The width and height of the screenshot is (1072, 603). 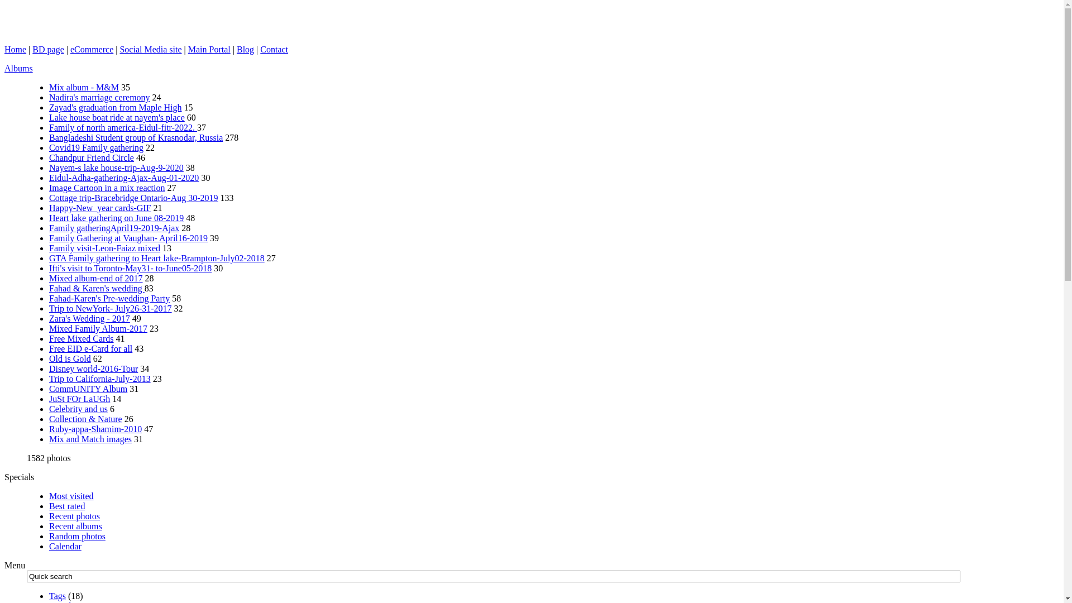 What do you see at coordinates (133, 197) in the screenshot?
I see `'Cottage trip-Bracebridge Ontario-Aug 30-2019'` at bounding box center [133, 197].